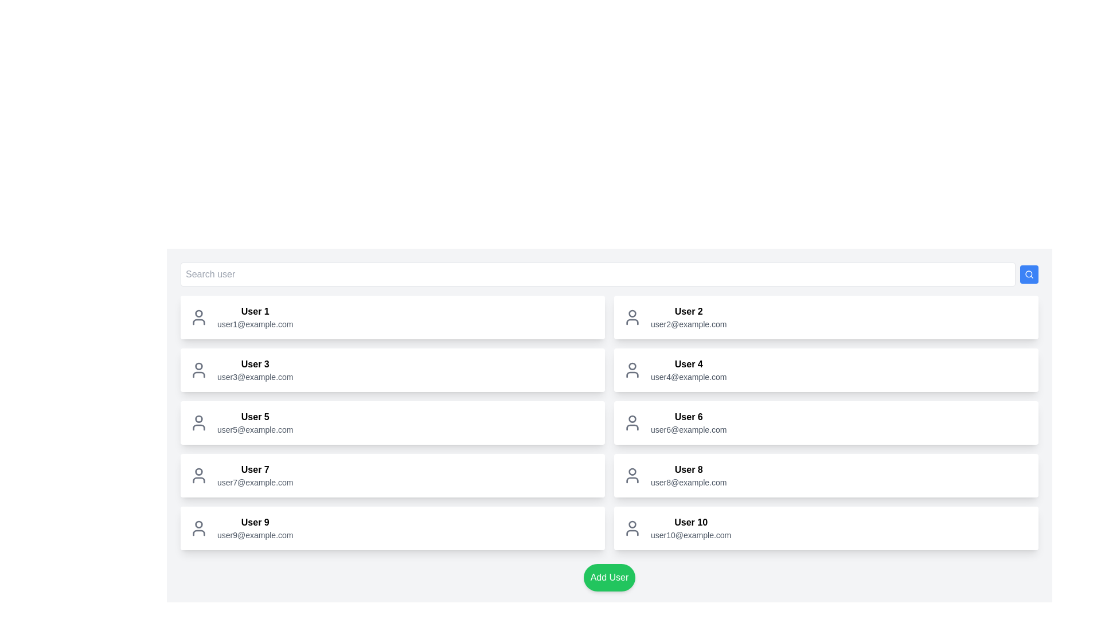 The height and width of the screenshot is (619, 1101). I want to click on the bold text label 'User 2' located in the right column of the user list, specifically in the second row above the email 'user2@example.com', so click(688, 311).